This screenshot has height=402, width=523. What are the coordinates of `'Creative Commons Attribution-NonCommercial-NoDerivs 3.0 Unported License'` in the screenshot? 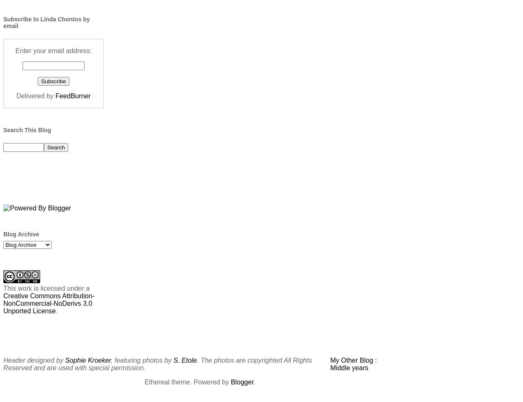 It's located at (48, 303).